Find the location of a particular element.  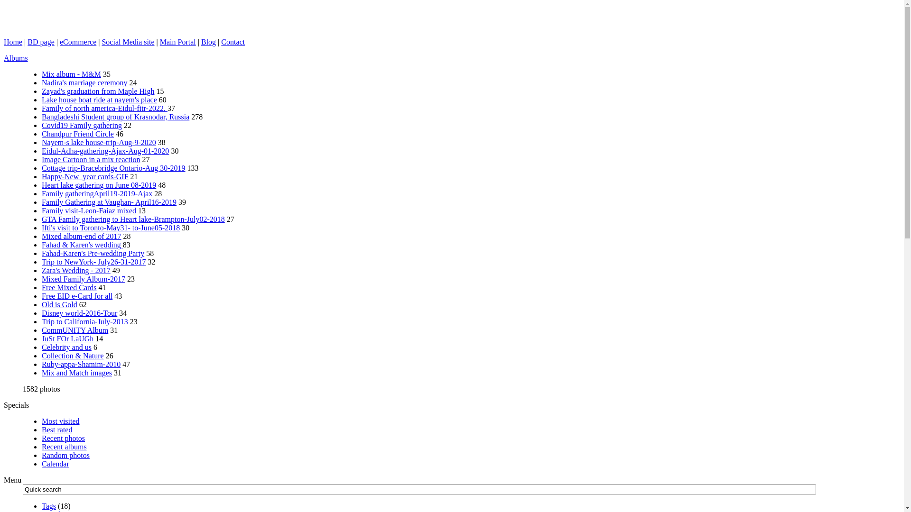

'Most visited' is located at coordinates (60, 421).